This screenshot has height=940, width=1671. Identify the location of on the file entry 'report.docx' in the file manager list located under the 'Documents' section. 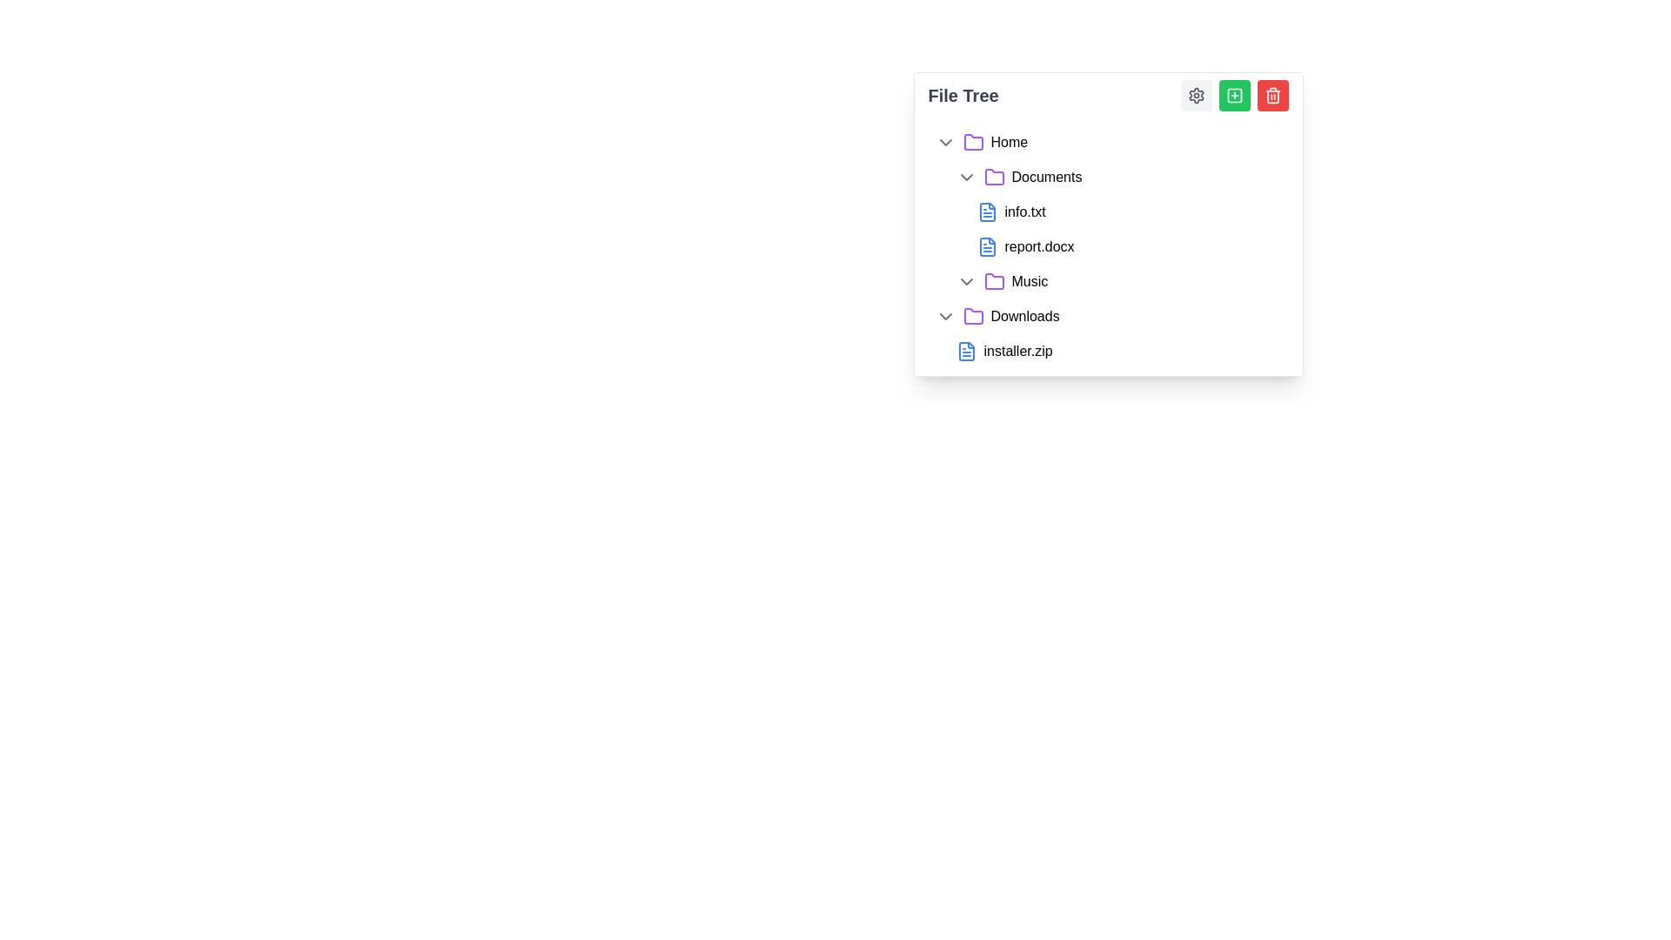
(1129, 228).